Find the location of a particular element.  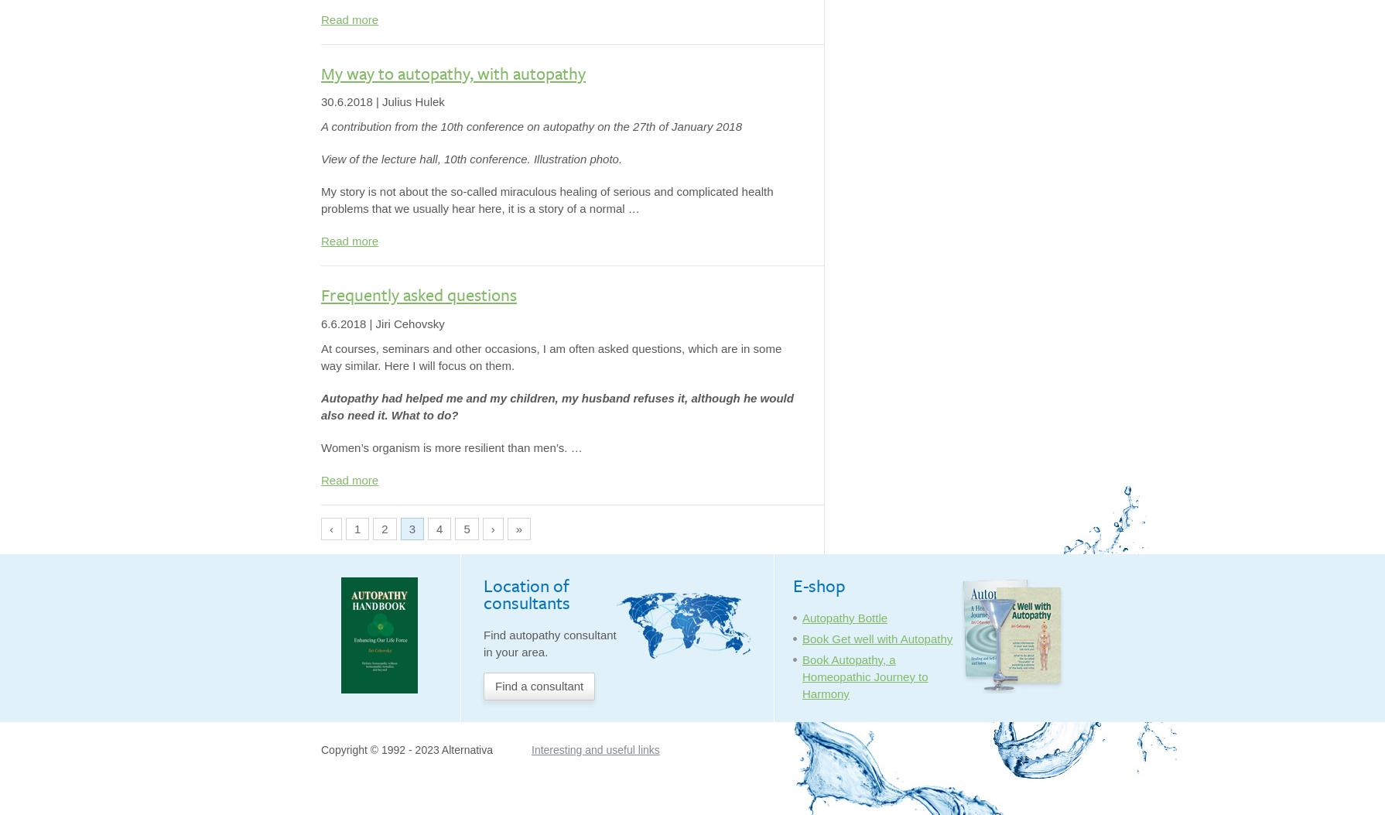

'5' is located at coordinates (466, 529).